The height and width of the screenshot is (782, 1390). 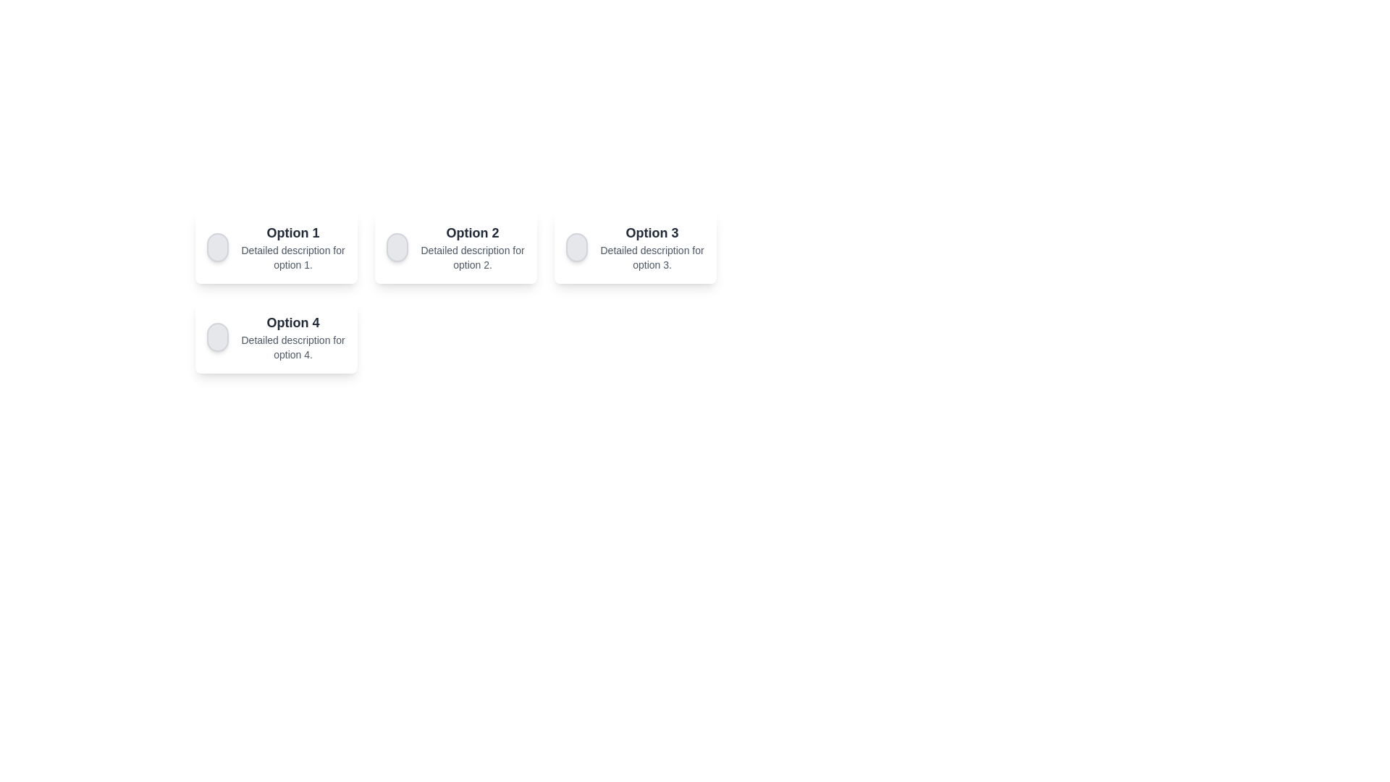 I want to click on the Card element titled 'Option 1' that has a bold header and a circular badge, located in the upper-left corner of a grid layout, so click(x=277, y=247).